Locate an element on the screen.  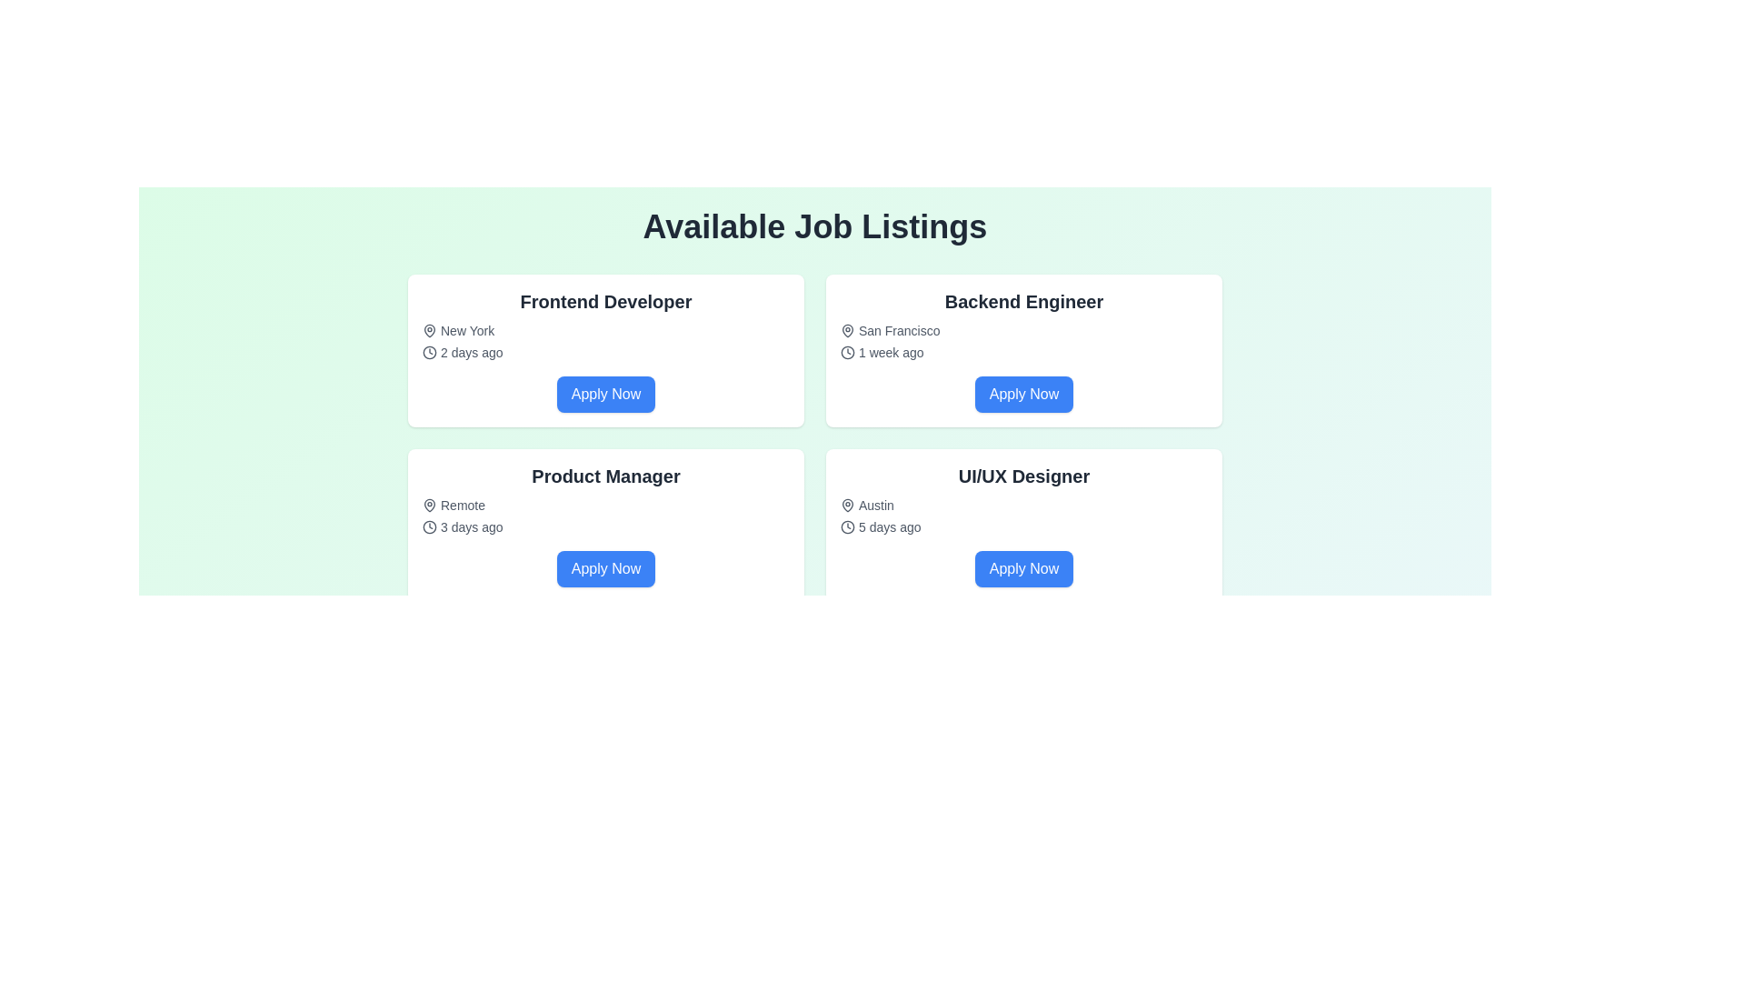
the icon associated with 'San Francisco' located in the top-left of the 'Backend Engineer' job listing card is located at coordinates (846, 330).